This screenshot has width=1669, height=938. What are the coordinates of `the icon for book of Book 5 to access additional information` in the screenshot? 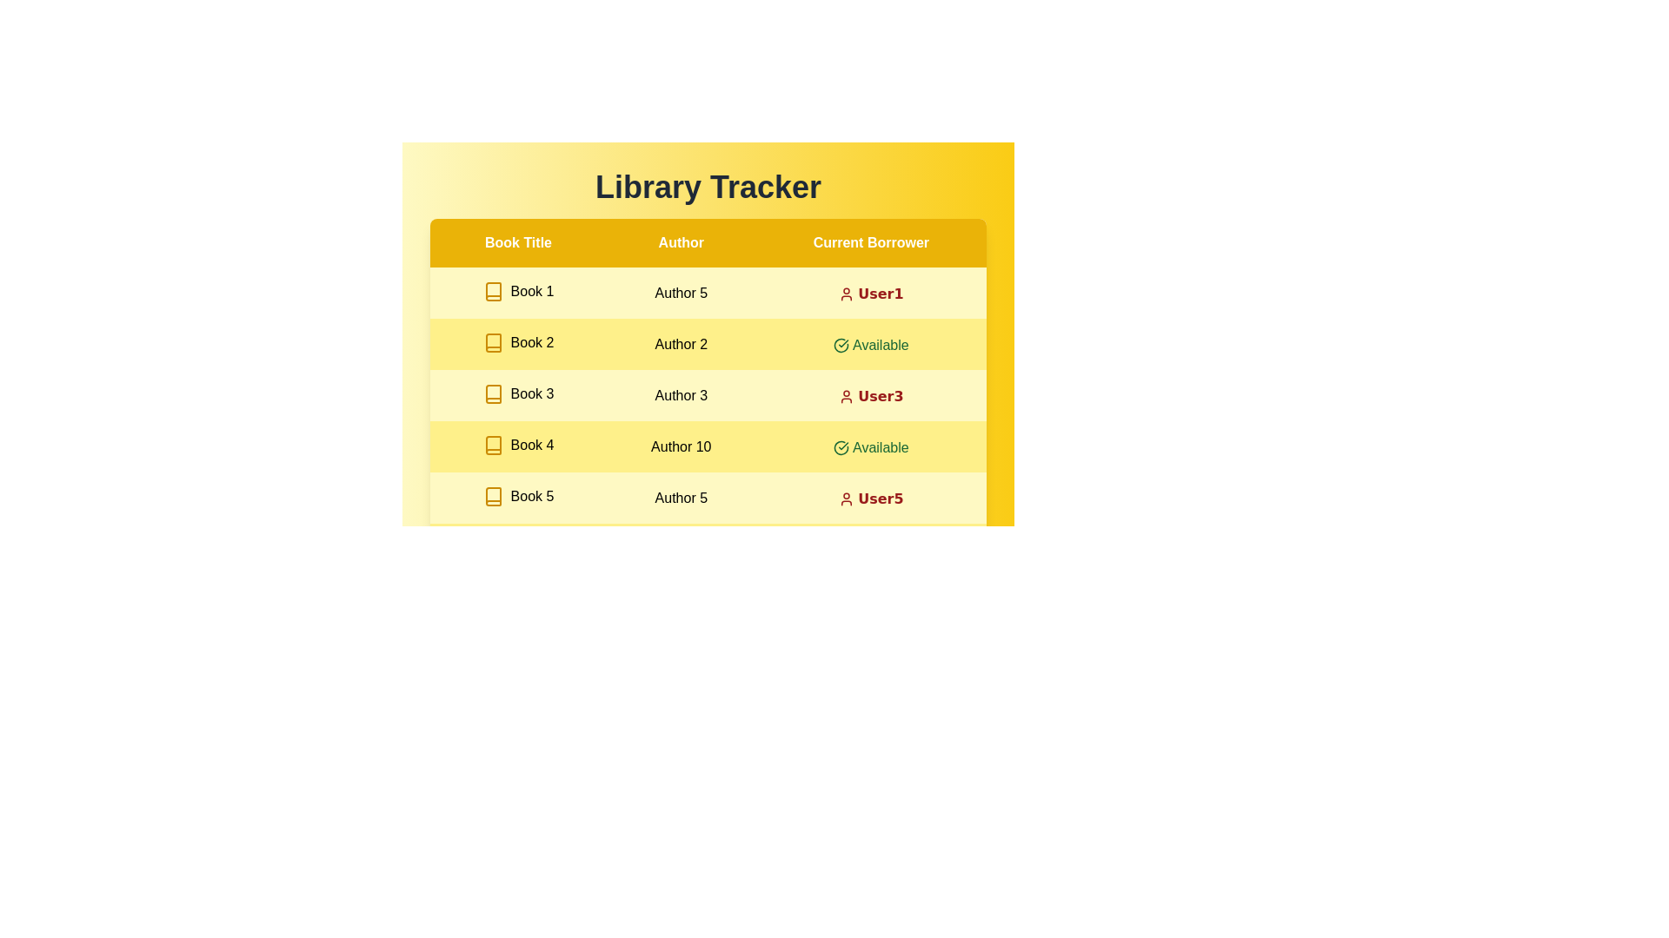 It's located at (492, 496).